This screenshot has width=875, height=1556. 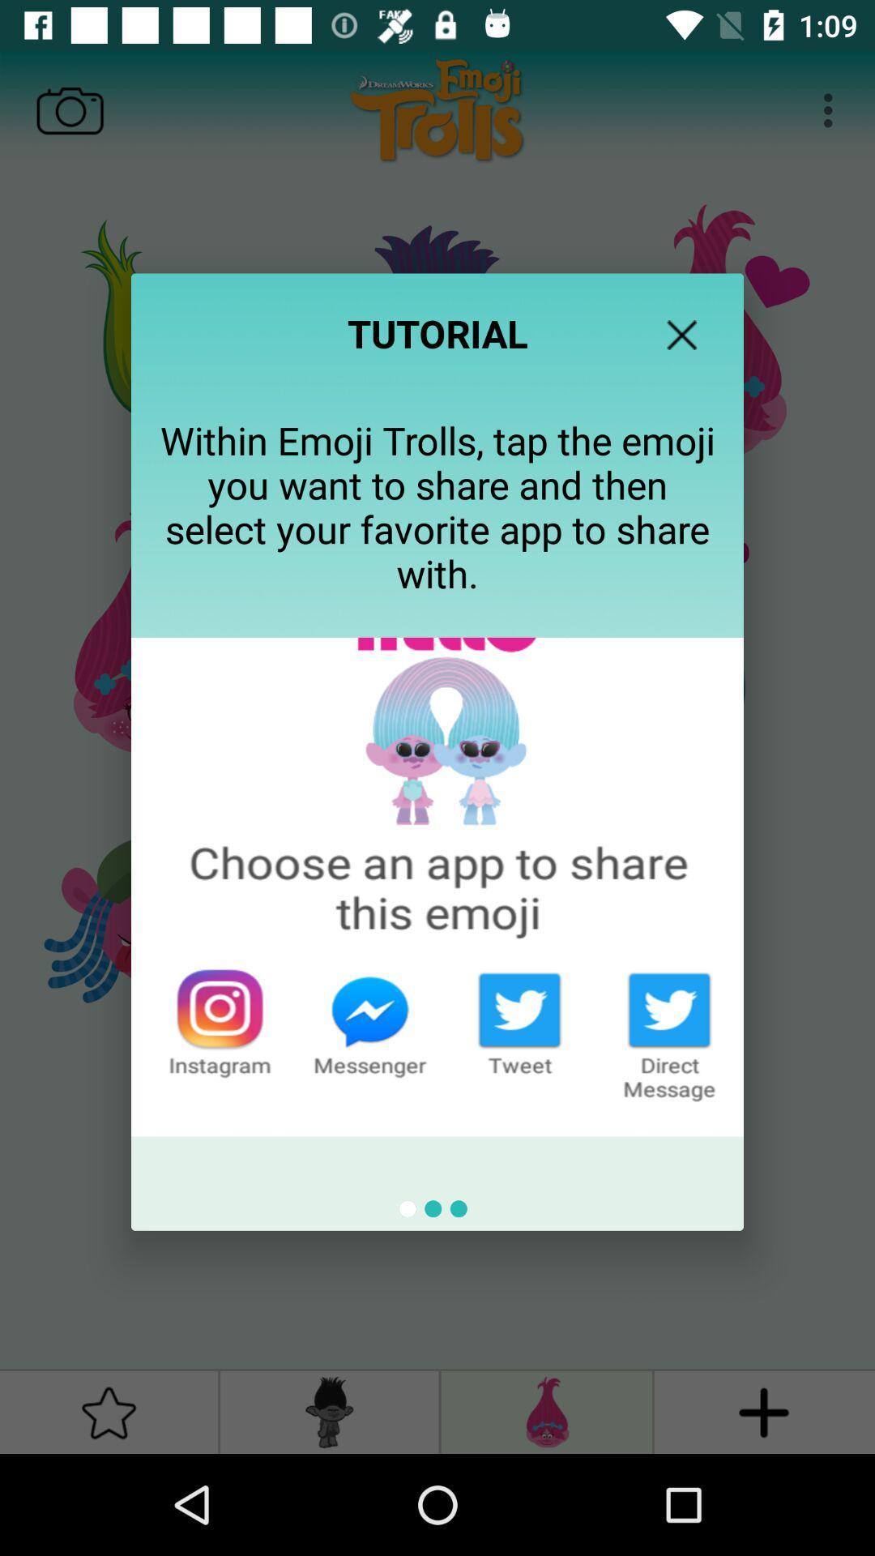 I want to click on popup, so click(x=681, y=334).